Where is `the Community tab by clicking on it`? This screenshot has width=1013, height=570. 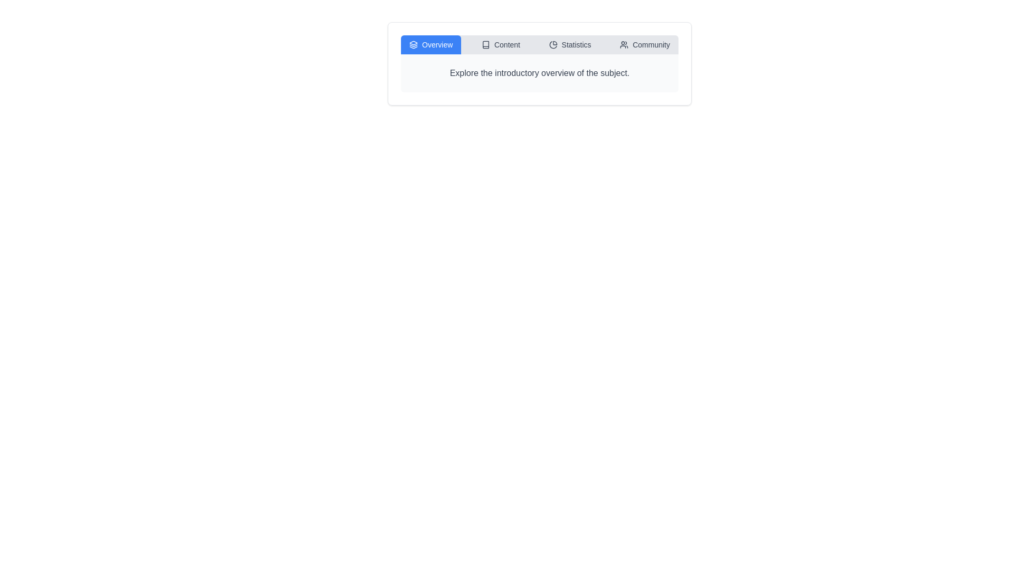 the Community tab by clicking on it is located at coordinates (644, 44).